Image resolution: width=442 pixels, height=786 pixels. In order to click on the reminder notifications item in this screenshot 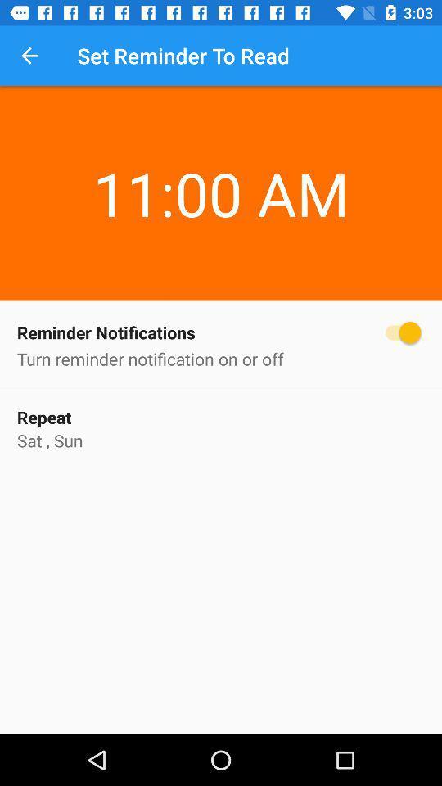, I will do `click(221, 332)`.